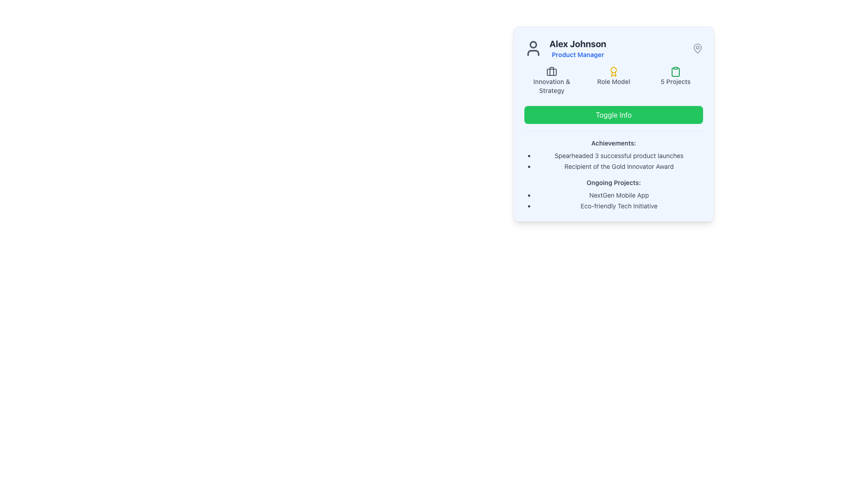 The image size is (862, 485). Describe the element at coordinates (676, 71) in the screenshot. I see `the color or design of the Graphic icon (SVG vector) associated with the '5 Projects' section located in the upper-right section of the profile card` at that location.